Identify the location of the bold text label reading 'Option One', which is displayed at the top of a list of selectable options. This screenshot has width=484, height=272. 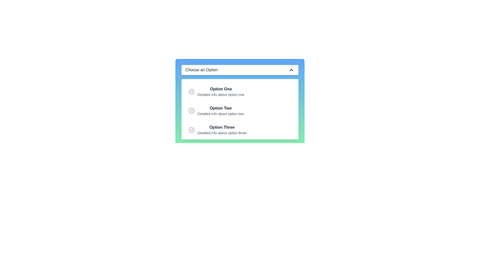
(221, 89).